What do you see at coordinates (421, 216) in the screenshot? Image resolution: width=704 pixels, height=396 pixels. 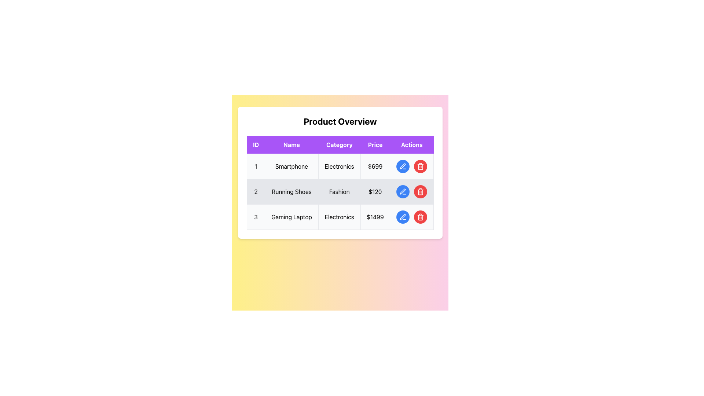 I see `the trash can icon located within the red circular button at the far right of the 'Actions' column for the 'Gaming Laptop' product` at bounding box center [421, 216].